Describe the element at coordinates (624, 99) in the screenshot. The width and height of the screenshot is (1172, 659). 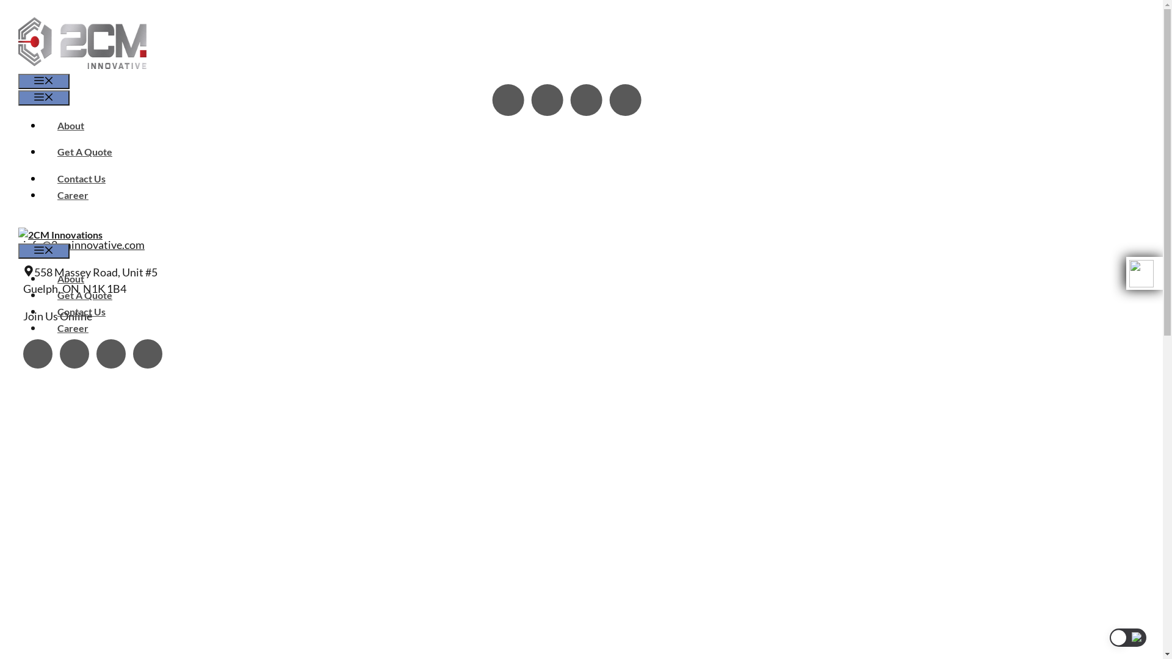
I see `'LinkedIn'` at that location.